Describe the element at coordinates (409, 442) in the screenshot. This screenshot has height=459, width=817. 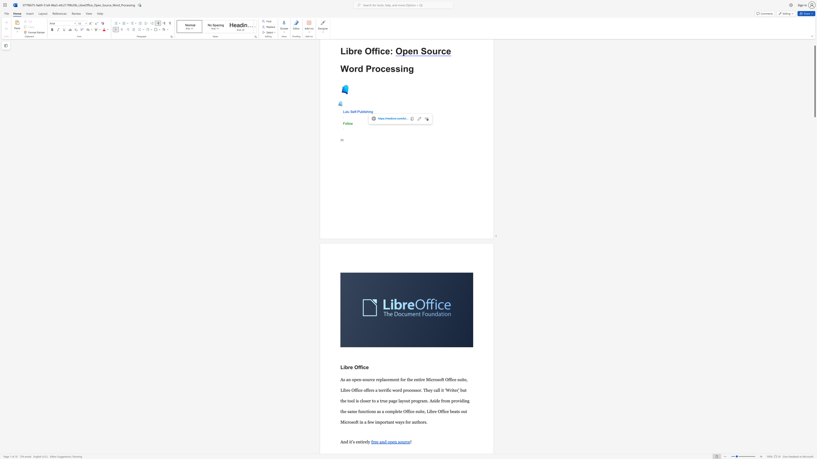
I see `the 4th character "e" in the text` at that location.